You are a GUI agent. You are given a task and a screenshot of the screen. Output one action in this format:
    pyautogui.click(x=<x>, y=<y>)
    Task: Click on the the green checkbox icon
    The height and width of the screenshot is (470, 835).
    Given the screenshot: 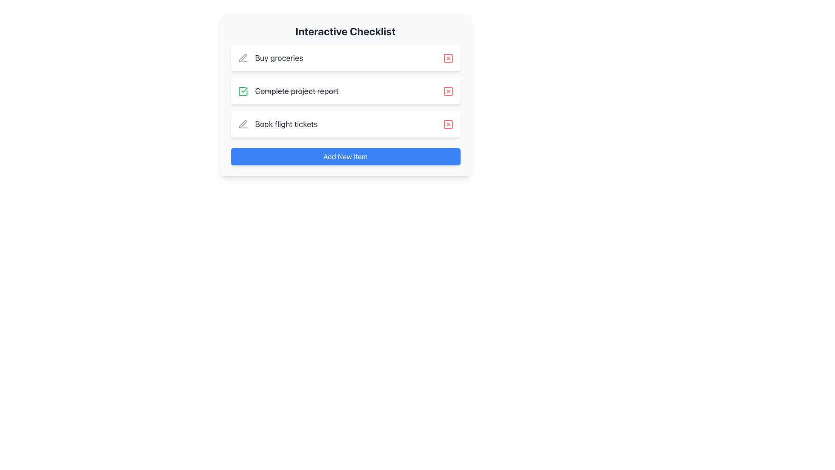 What is the action you would take?
    pyautogui.click(x=243, y=91)
    